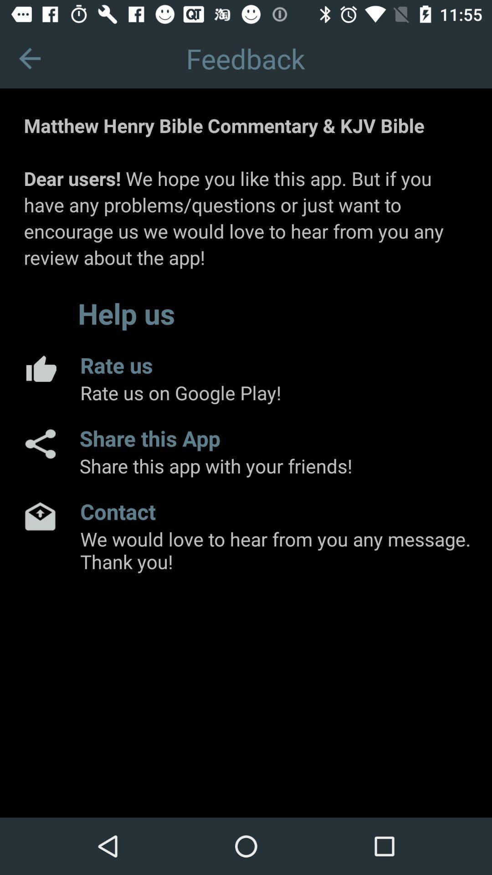 This screenshot has height=875, width=492. What do you see at coordinates (39, 444) in the screenshot?
I see `the app next to share this app app` at bounding box center [39, 444].